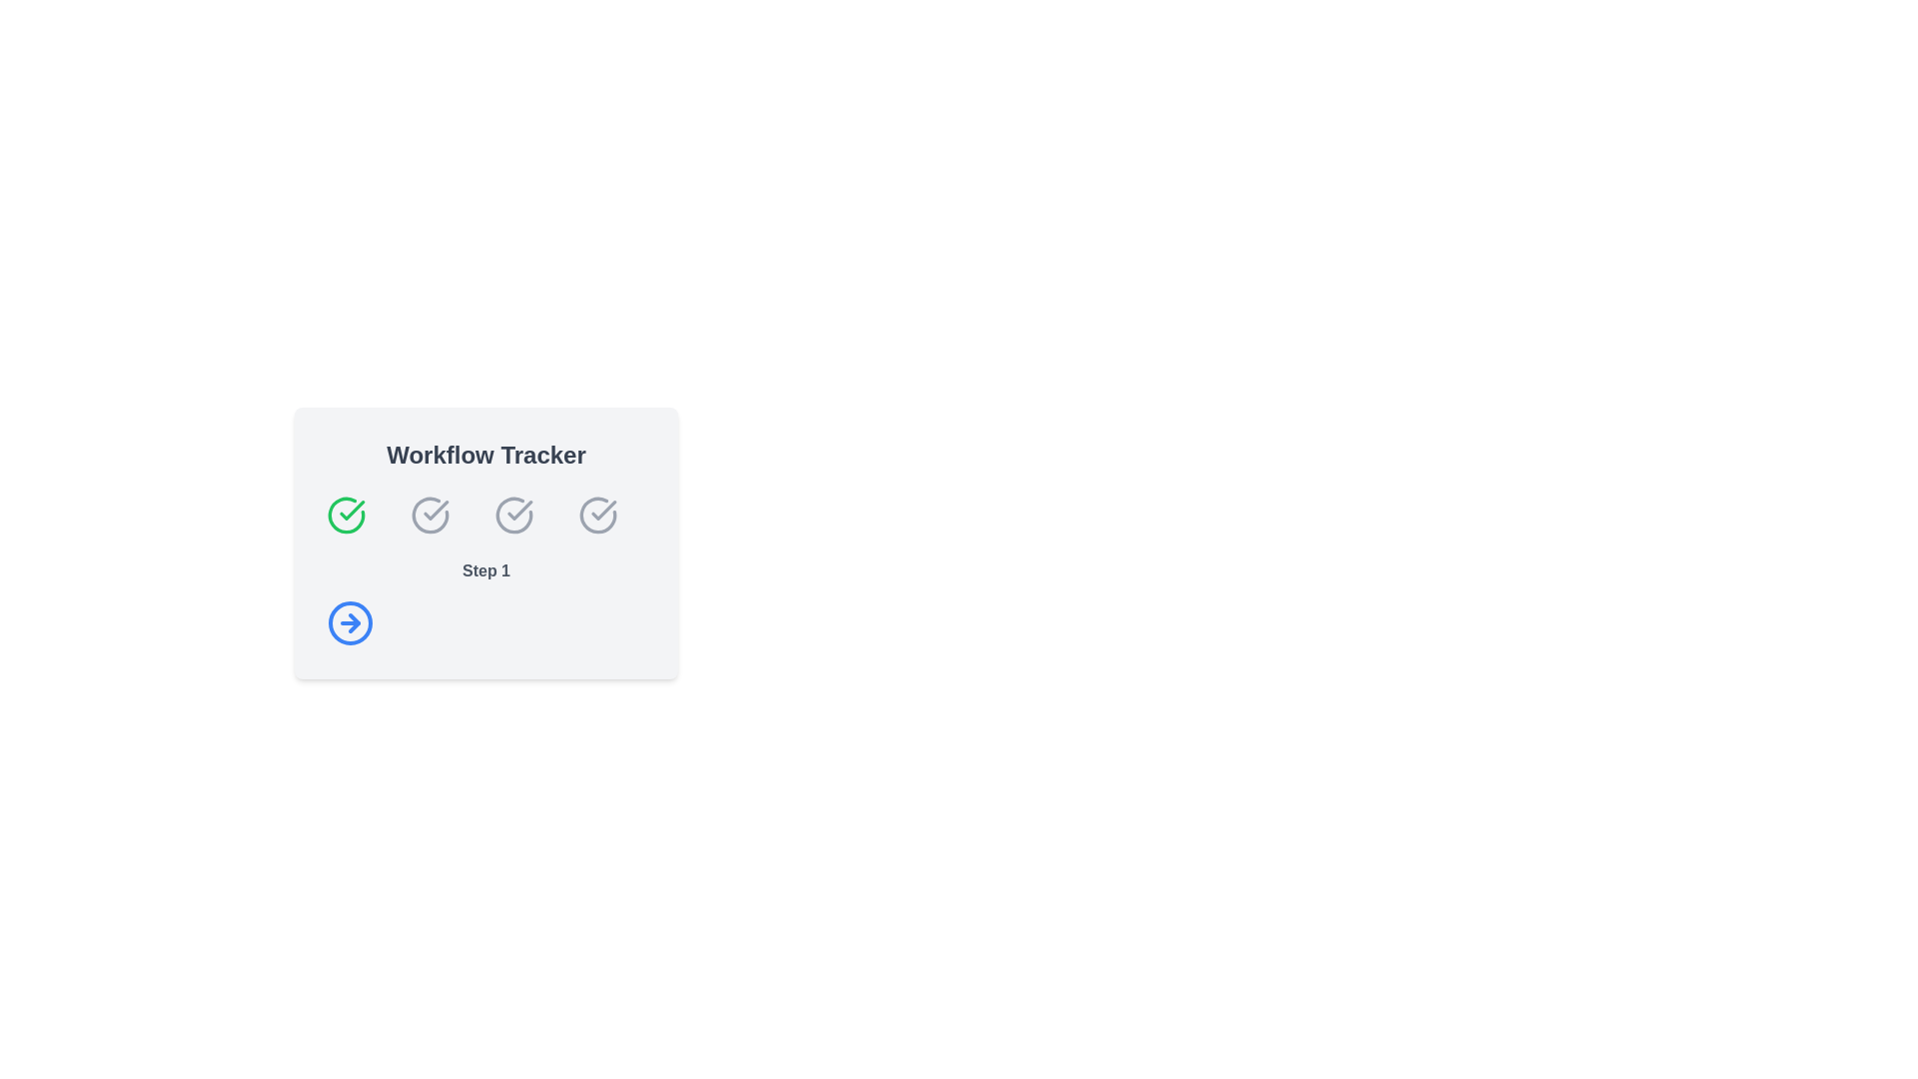  What do you see at coordinates (346, 515) in the screenshot?
I see `the status indicator icon with a green checkmark, which is the first icon in the horizontal series within the 'Workflow Tracker' card` at bounding box center [346, 515].